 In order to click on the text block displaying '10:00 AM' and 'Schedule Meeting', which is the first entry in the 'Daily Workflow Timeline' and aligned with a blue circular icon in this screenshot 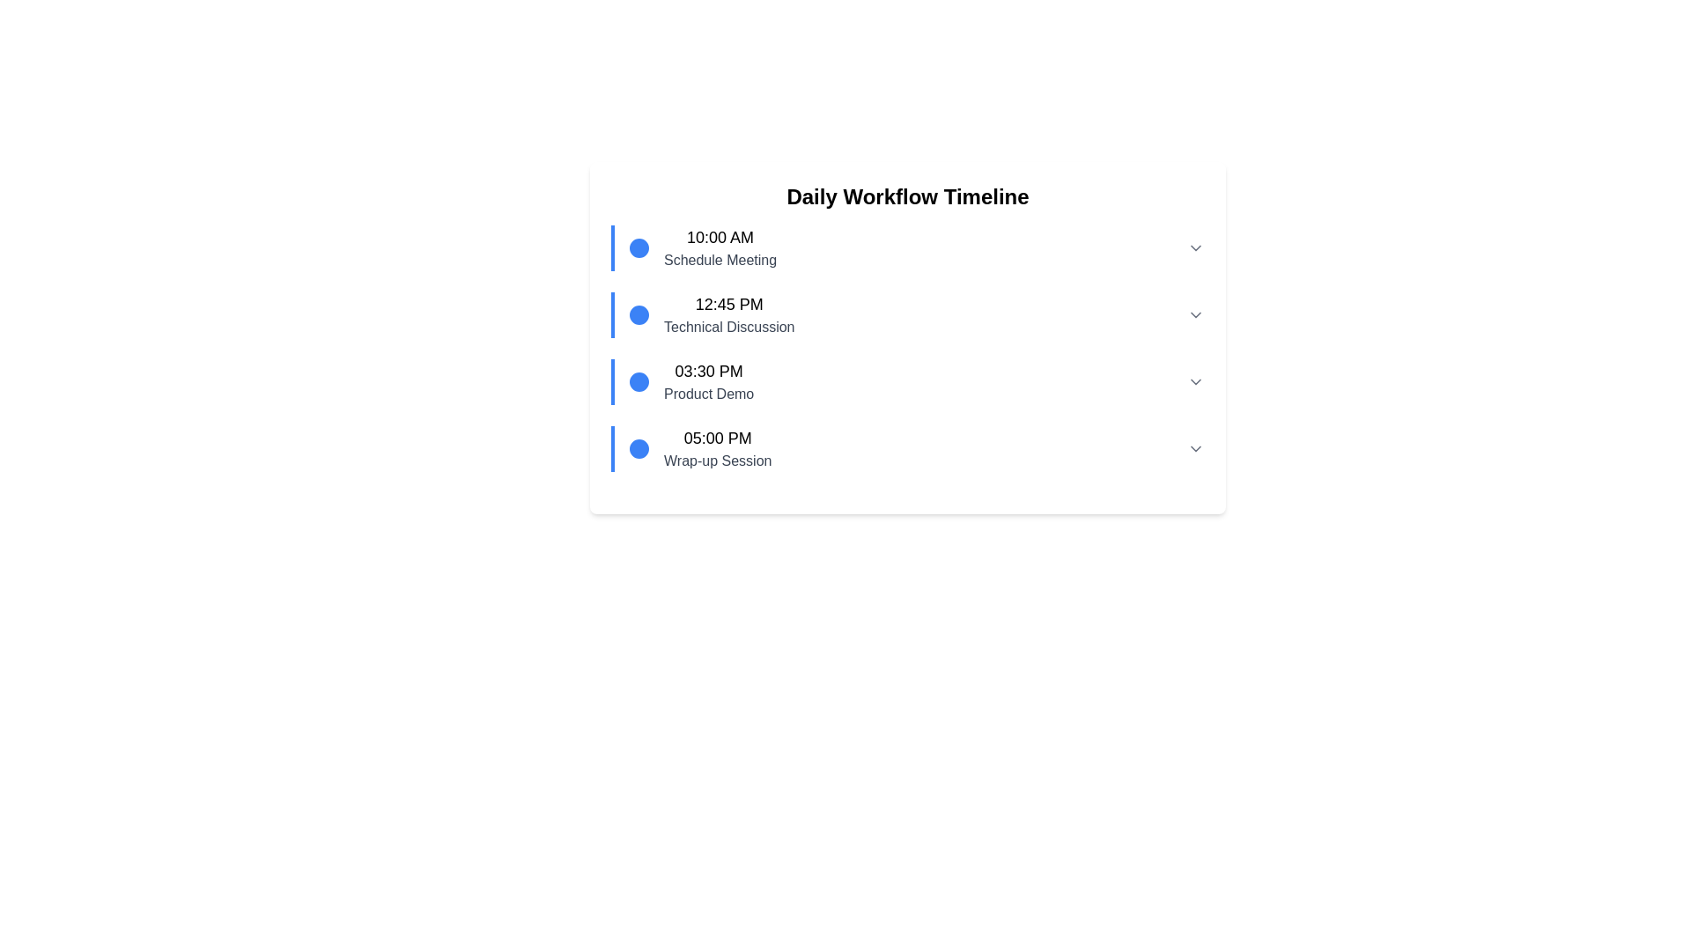, I will do `click(720, 247)`.